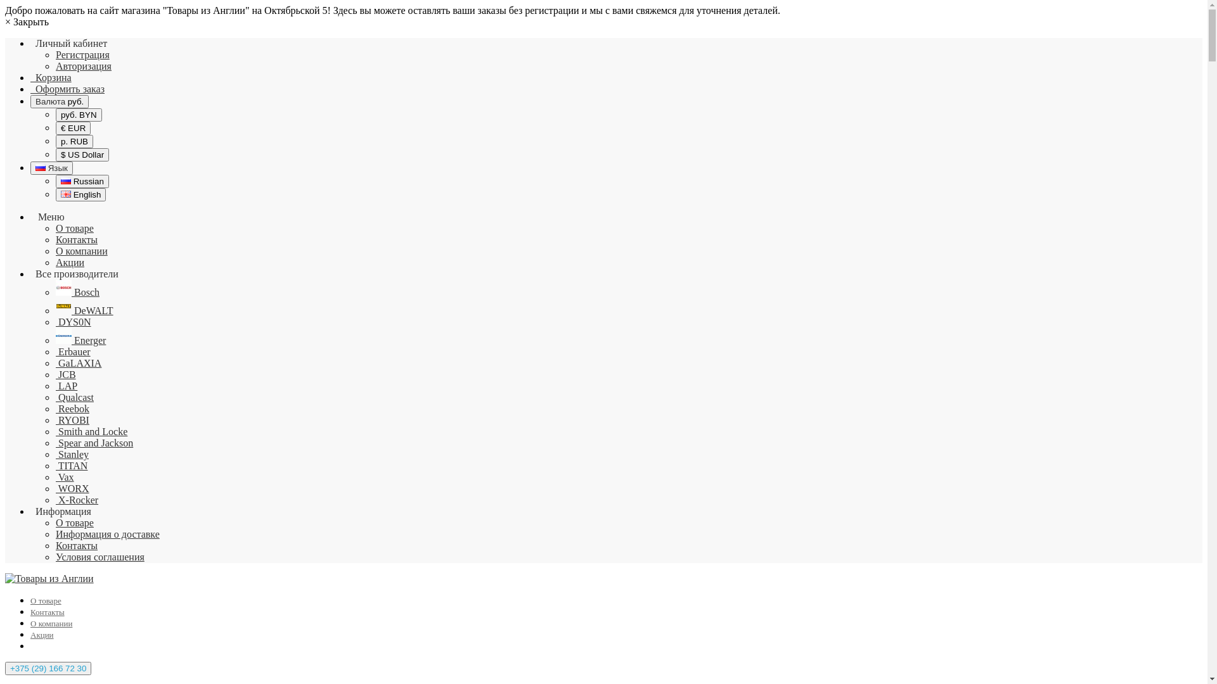 This screenshot has width=1217, height=684. Describe the element at coordinates (72, 351) in the screenshot. I see `'Erbauer'` at that location.